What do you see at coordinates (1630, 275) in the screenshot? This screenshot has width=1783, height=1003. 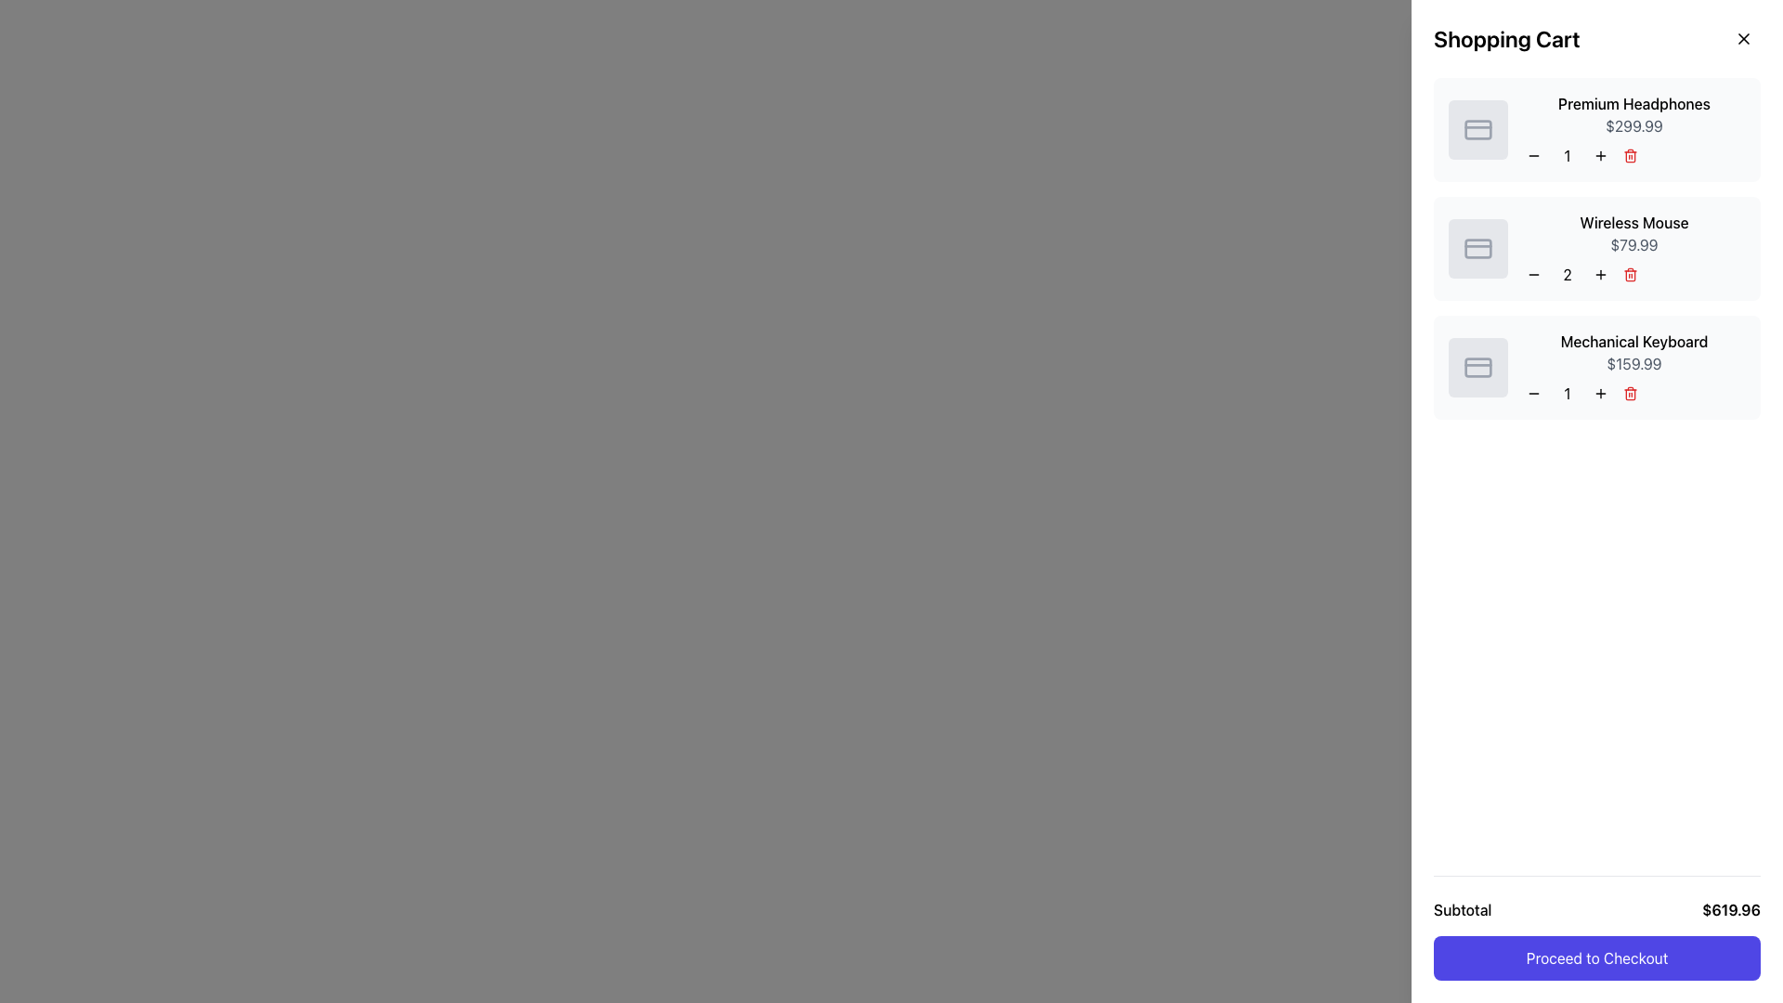 I see `the small red trash bin icon button located to the right of the Wireless Mouse item in the shopping cart section` at bounding box center [1630, 275].